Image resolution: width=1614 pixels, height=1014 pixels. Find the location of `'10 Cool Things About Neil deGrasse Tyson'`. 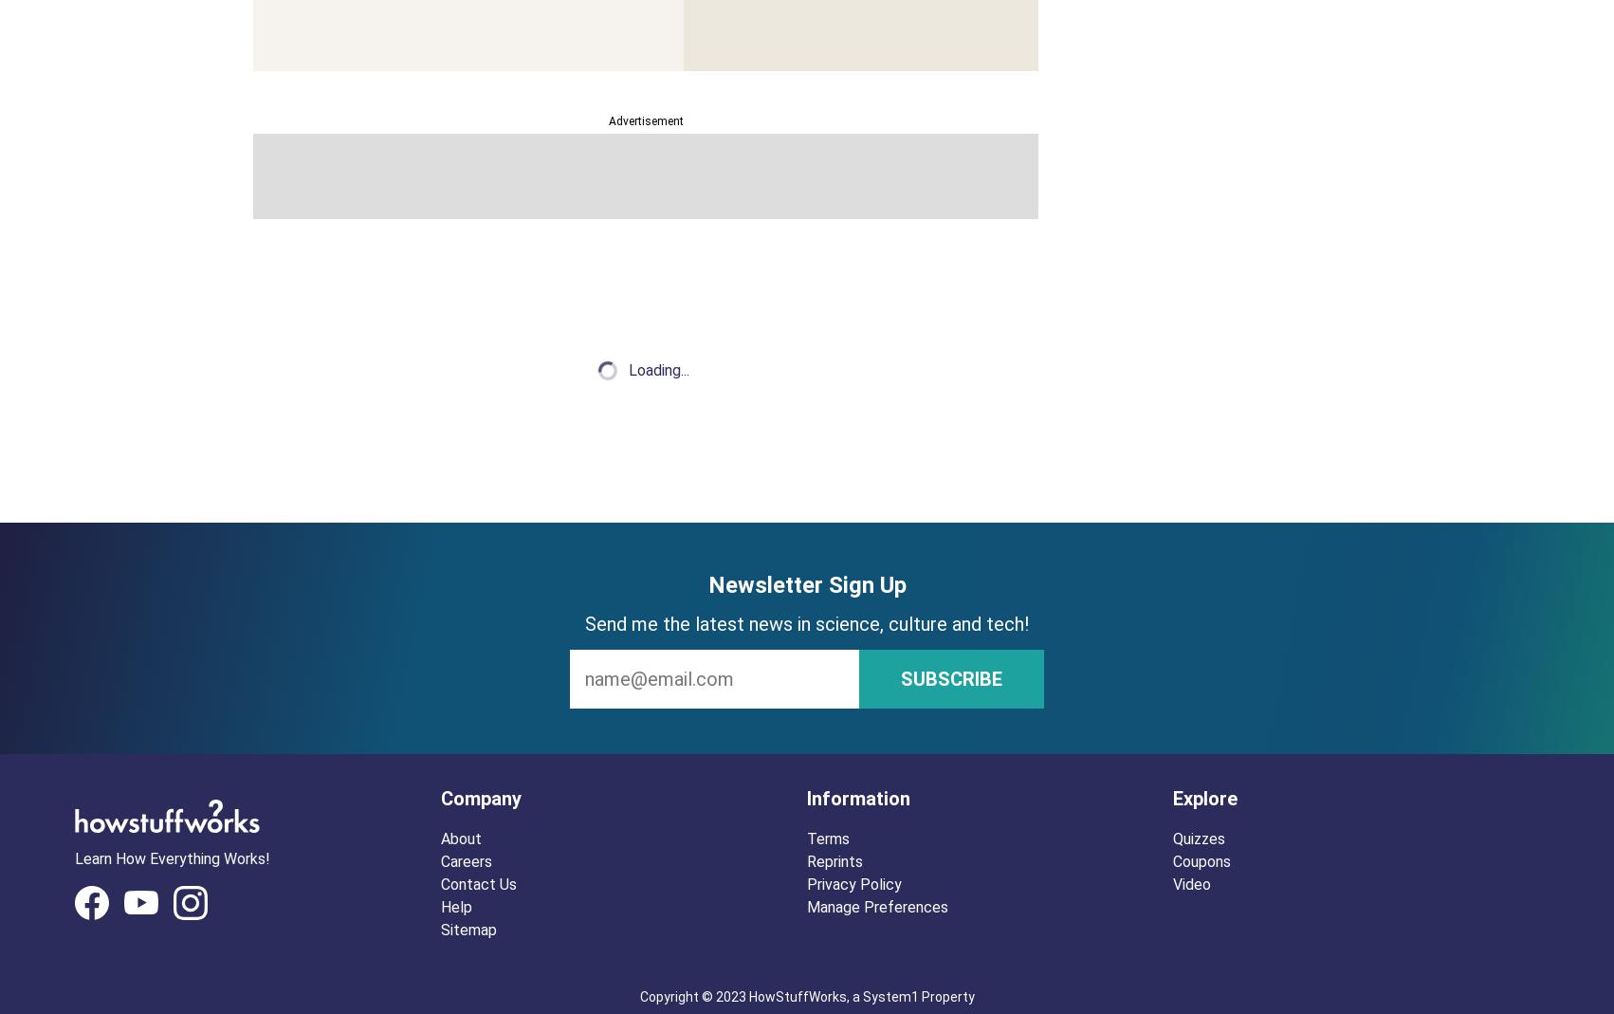

'10 Cool Things About Neil deGrasse Tyson' is located at coordinates (613, 301).